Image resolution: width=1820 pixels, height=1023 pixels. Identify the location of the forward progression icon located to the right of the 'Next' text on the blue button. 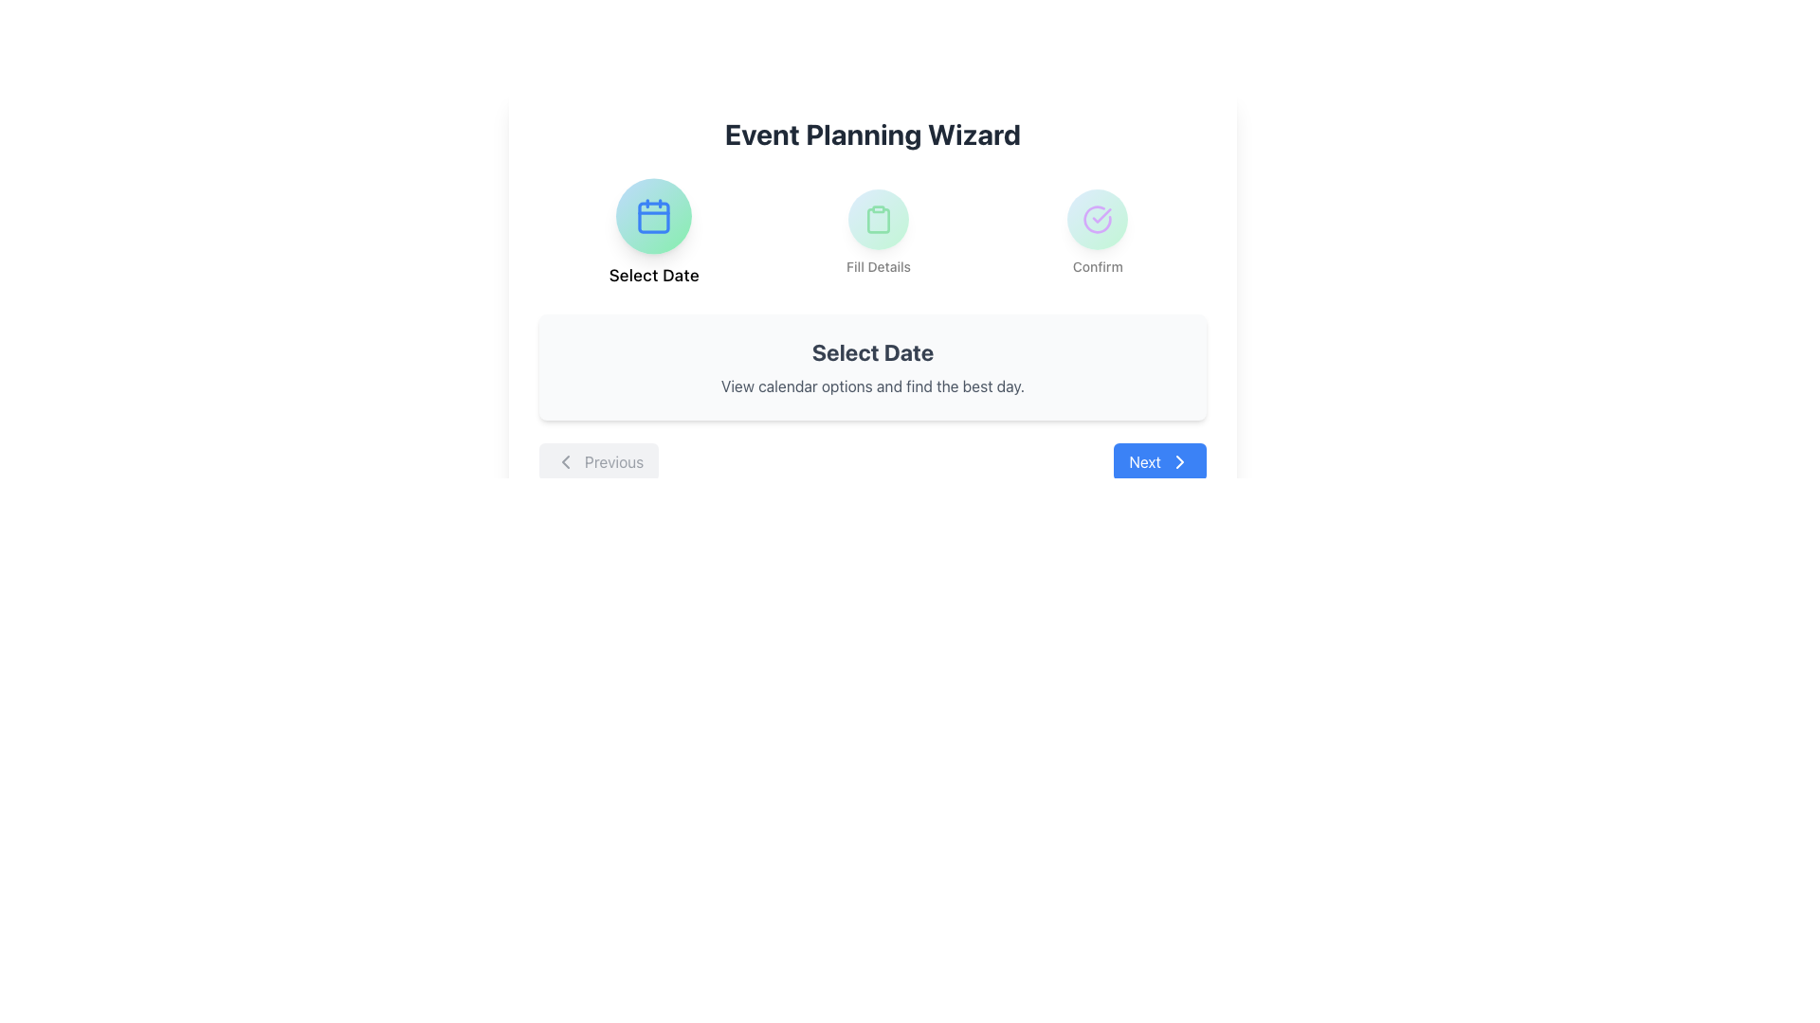
(1178, 462).